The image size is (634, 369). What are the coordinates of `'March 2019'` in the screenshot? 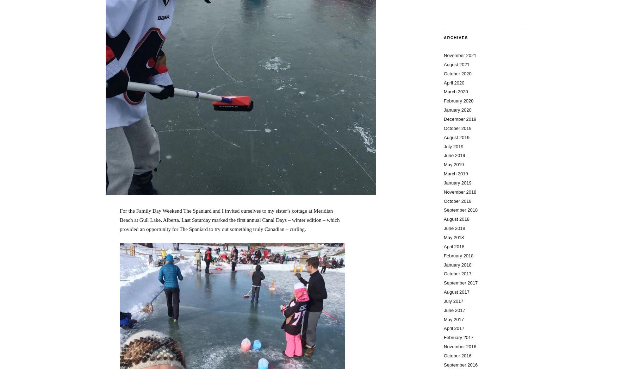 It's located at (456, 174).